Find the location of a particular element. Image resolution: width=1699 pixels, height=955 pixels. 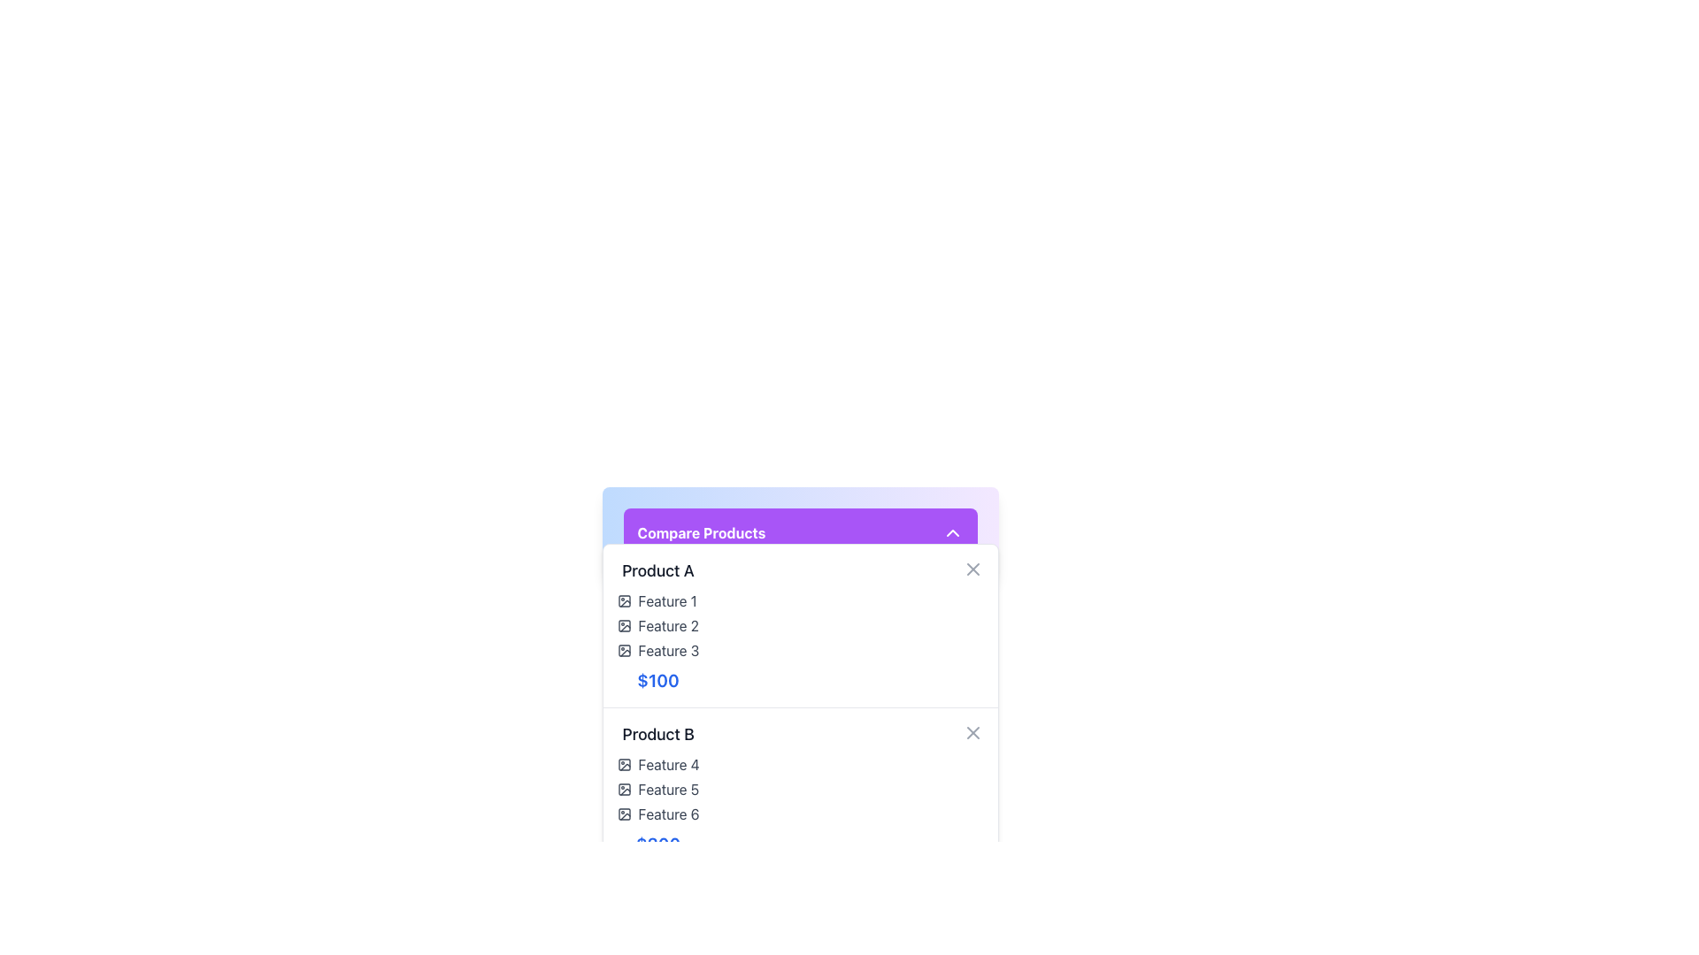

the top-left SVG rectangle graphical element within the 'Feature 3' section of the UI list is located at coordinates (624, 651).